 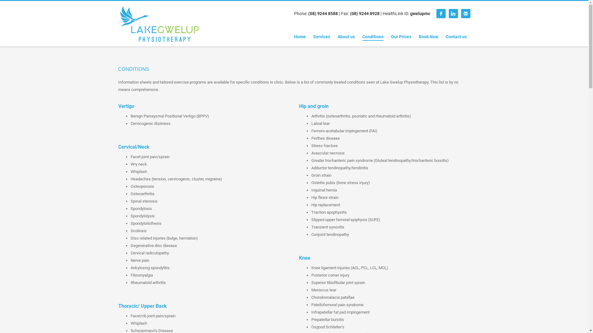 I want to click on 'Our Prices', so click(x=401, y=37).